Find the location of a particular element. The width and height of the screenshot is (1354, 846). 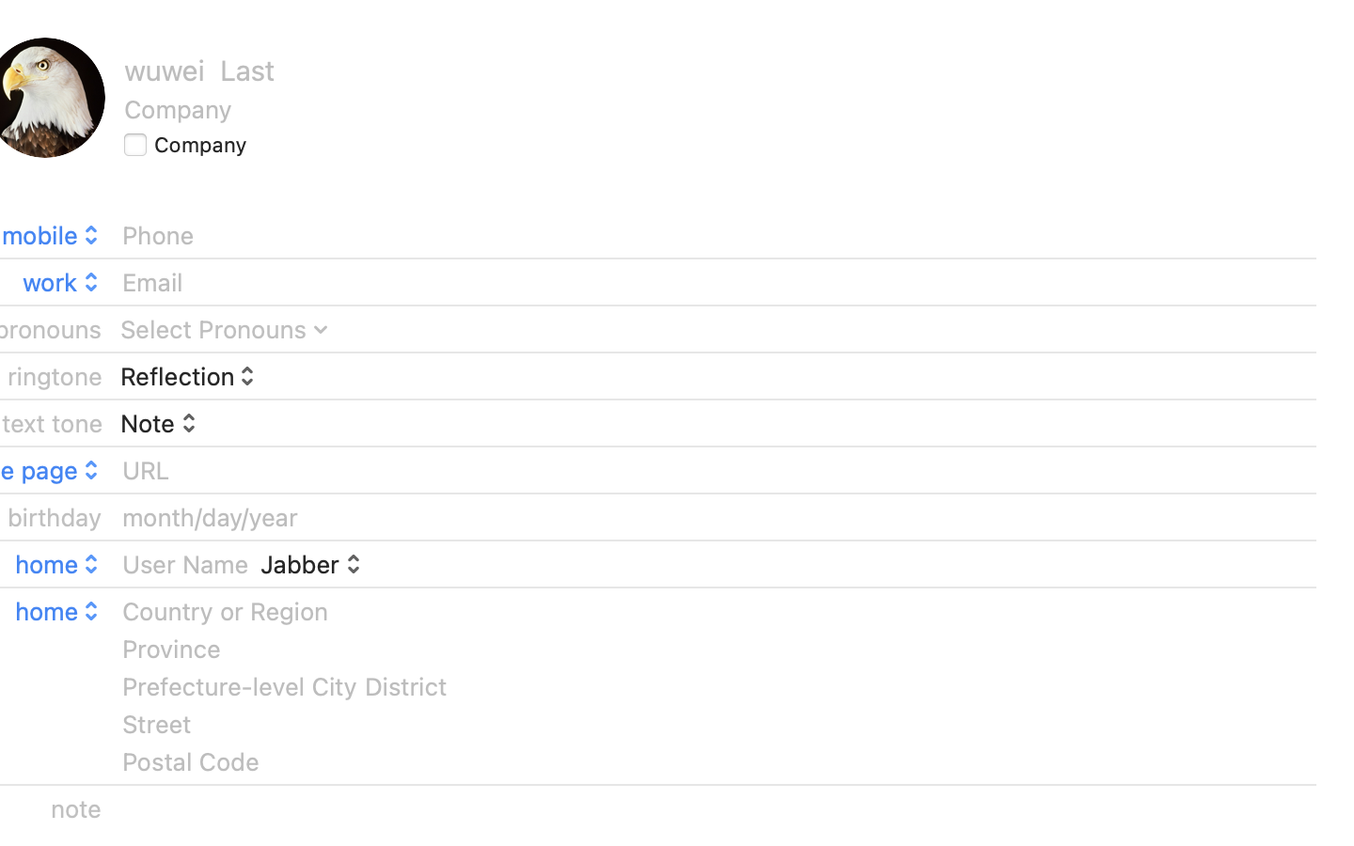

'work' is located at coordinates (62, 280).